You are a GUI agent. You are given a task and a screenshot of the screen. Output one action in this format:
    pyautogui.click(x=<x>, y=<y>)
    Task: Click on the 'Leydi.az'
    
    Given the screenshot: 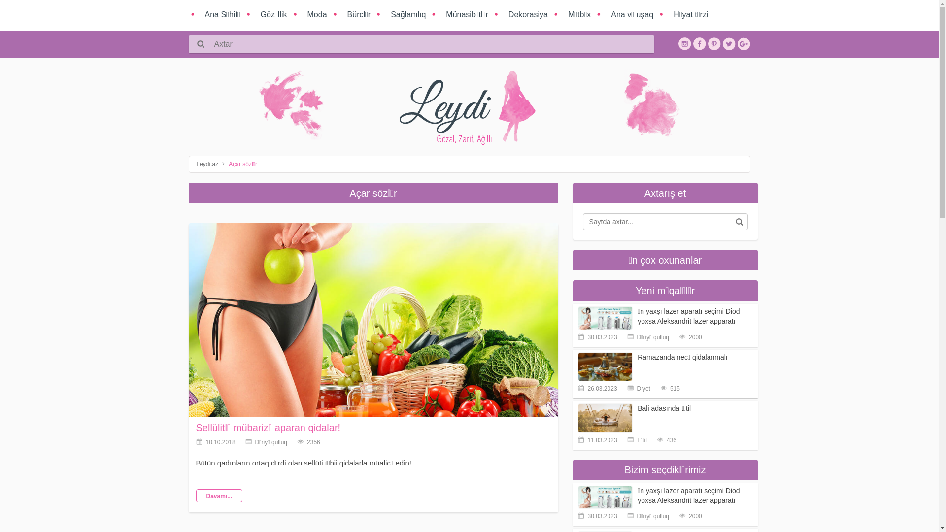 What is the action you would take?
    pyautogui.click(x=210, y=163)
    